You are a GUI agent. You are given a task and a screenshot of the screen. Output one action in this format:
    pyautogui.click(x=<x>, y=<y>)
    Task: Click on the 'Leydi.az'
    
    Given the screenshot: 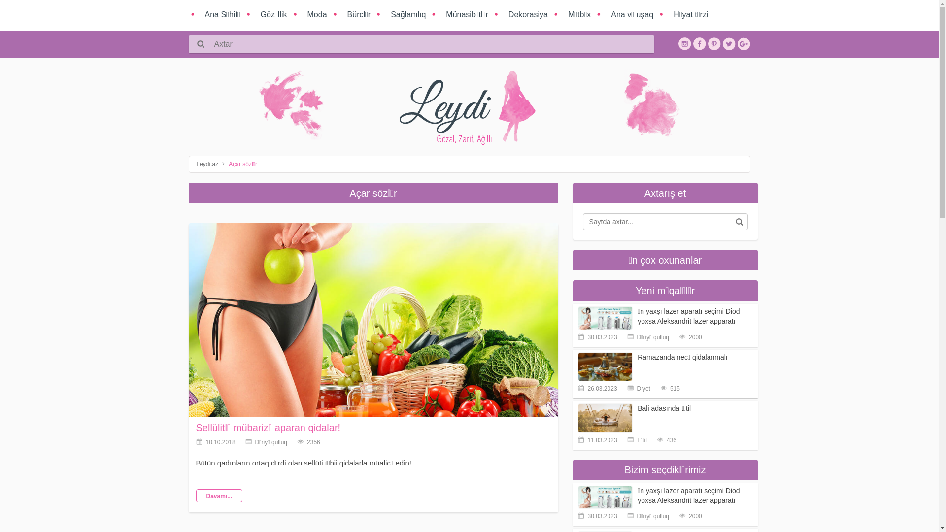 What is the action you would take?
    pyautogui.click(x=210, y=163)
    